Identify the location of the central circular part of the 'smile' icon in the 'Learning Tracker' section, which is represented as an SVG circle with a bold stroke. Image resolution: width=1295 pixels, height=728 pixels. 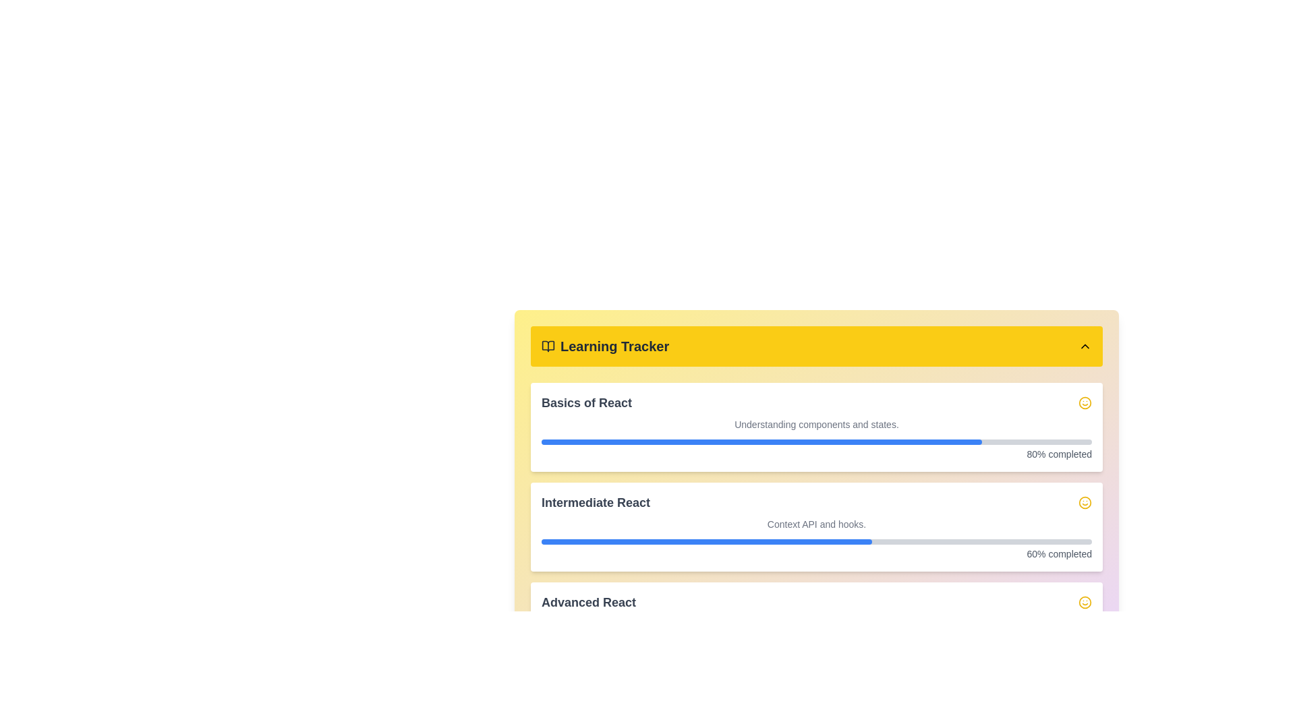
(1085, 602).